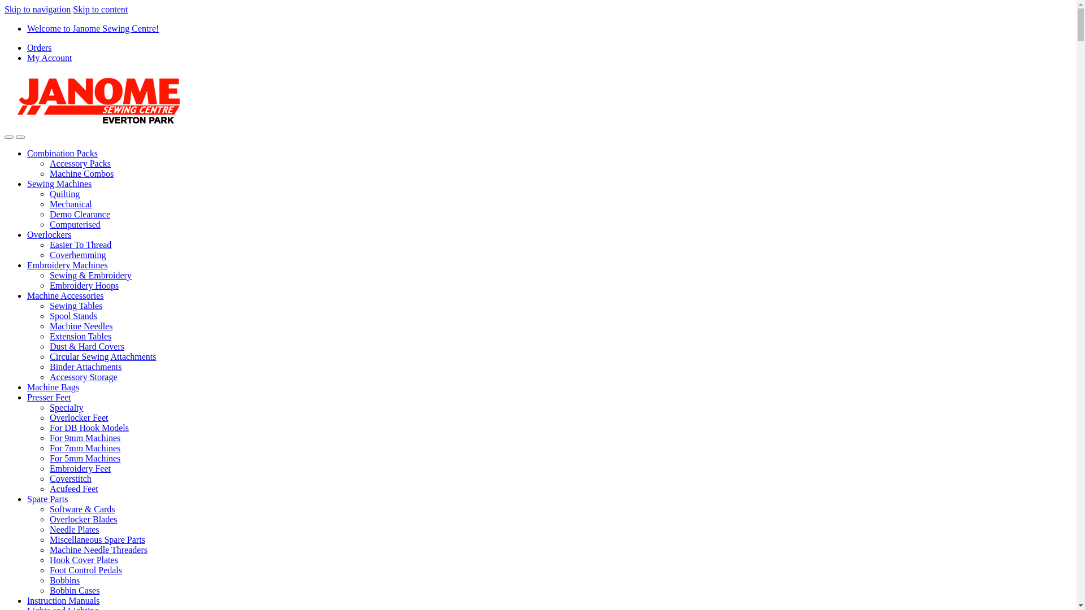 This screenshot has height=610, width=1085. I want to click on 'Bobbin Cases', so click(49, 590).